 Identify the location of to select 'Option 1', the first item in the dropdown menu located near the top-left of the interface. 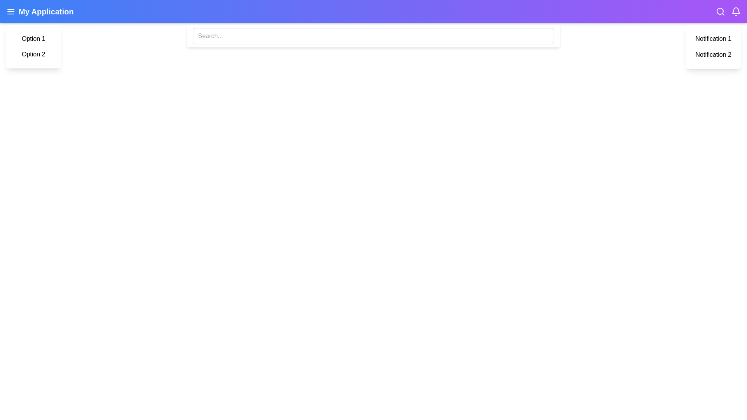
(33, 39).